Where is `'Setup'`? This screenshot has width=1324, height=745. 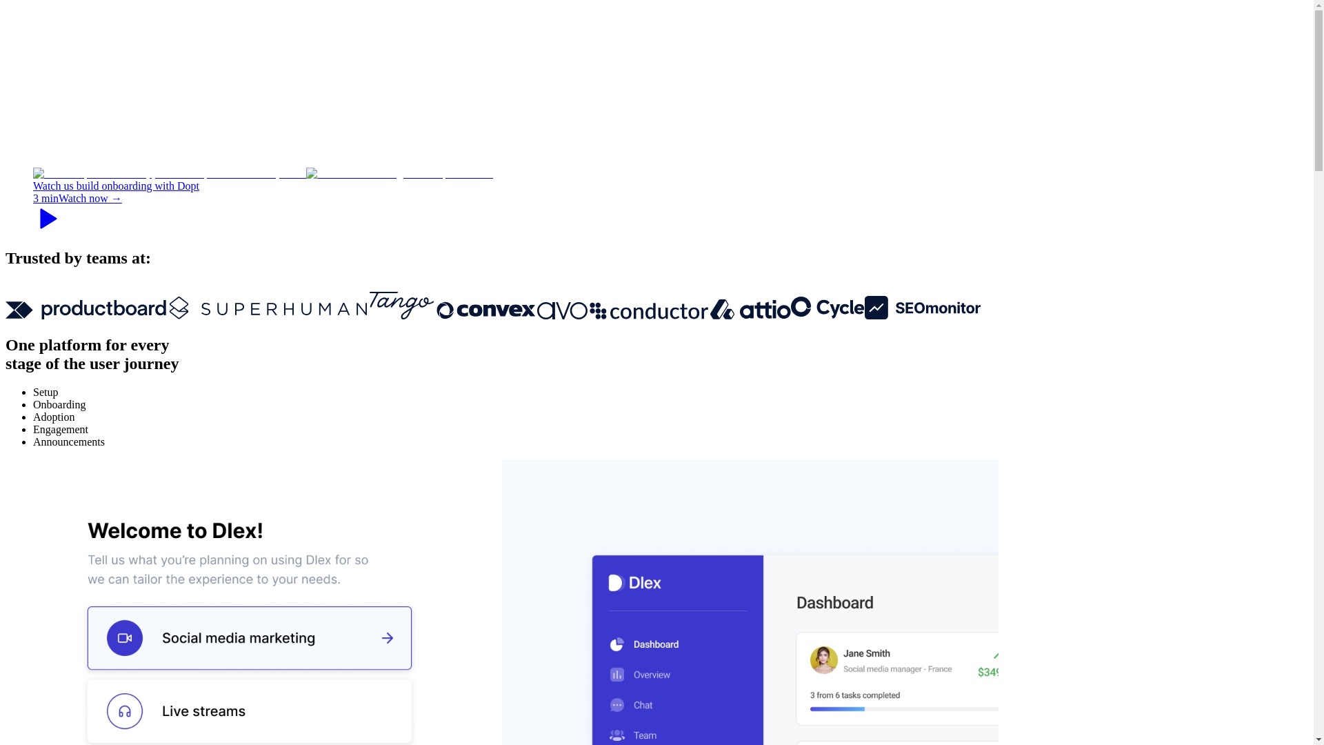 'Setup' is located at coordinates (46, 392).